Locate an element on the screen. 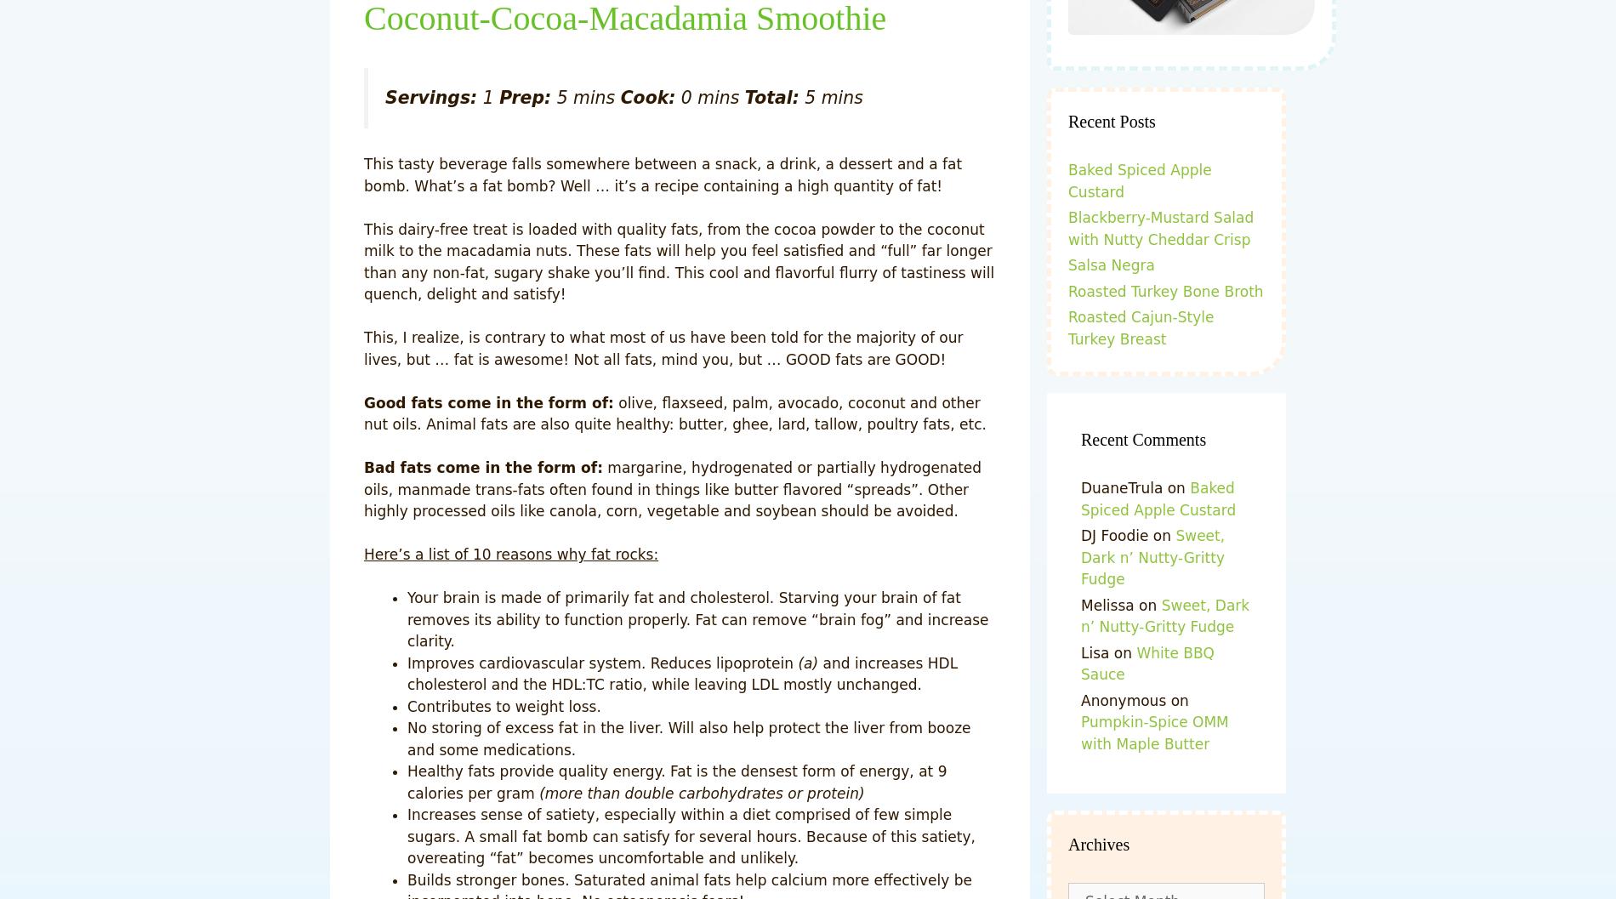 This screenshot has height=899, width=1616. 'Archives' is located at coordinates (1098, 844).